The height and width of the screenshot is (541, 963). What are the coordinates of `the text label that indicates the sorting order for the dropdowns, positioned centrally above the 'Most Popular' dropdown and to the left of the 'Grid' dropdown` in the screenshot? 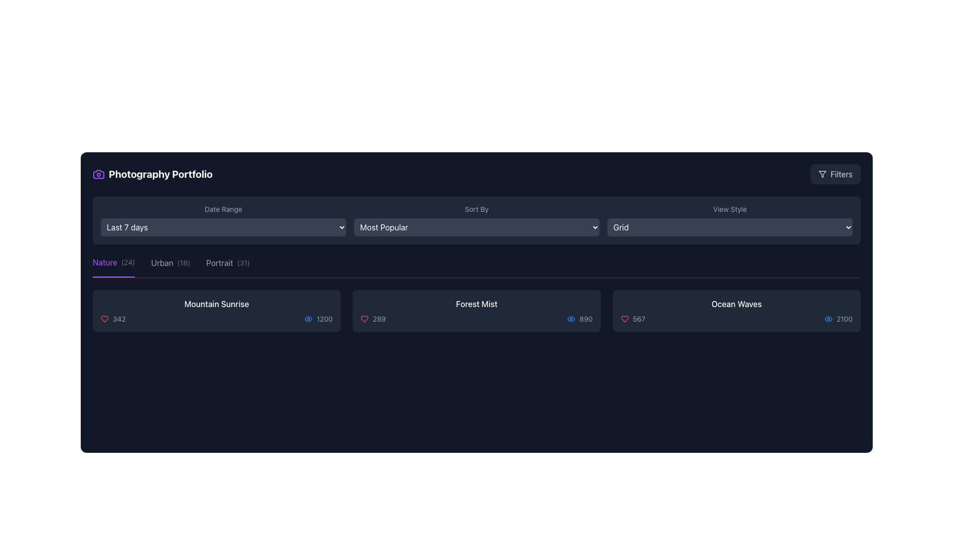 It's located at (476, 208).